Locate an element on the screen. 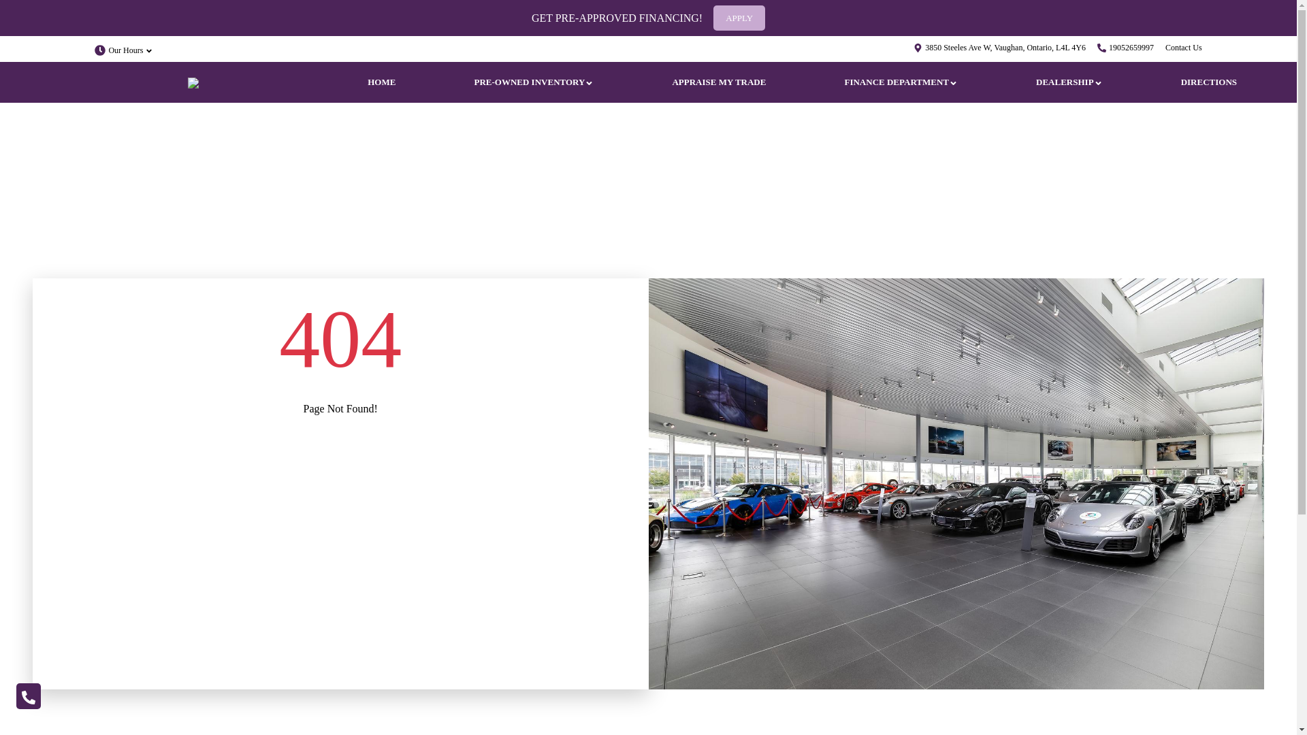 This screenshot has height=735, width=1307. 'APPLY' is located at coordinates (738, 18).